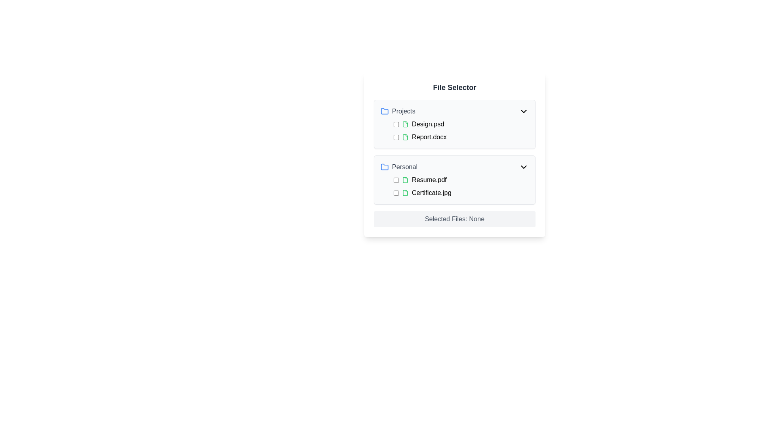 The image size is (776, 436). What do you see at coordinates (384, 166) in the screenshot?
I see `the blue folder icon with rounded corners located to the left of the 'Personal' label in the file selector interface` at bounding box center [384, 166].